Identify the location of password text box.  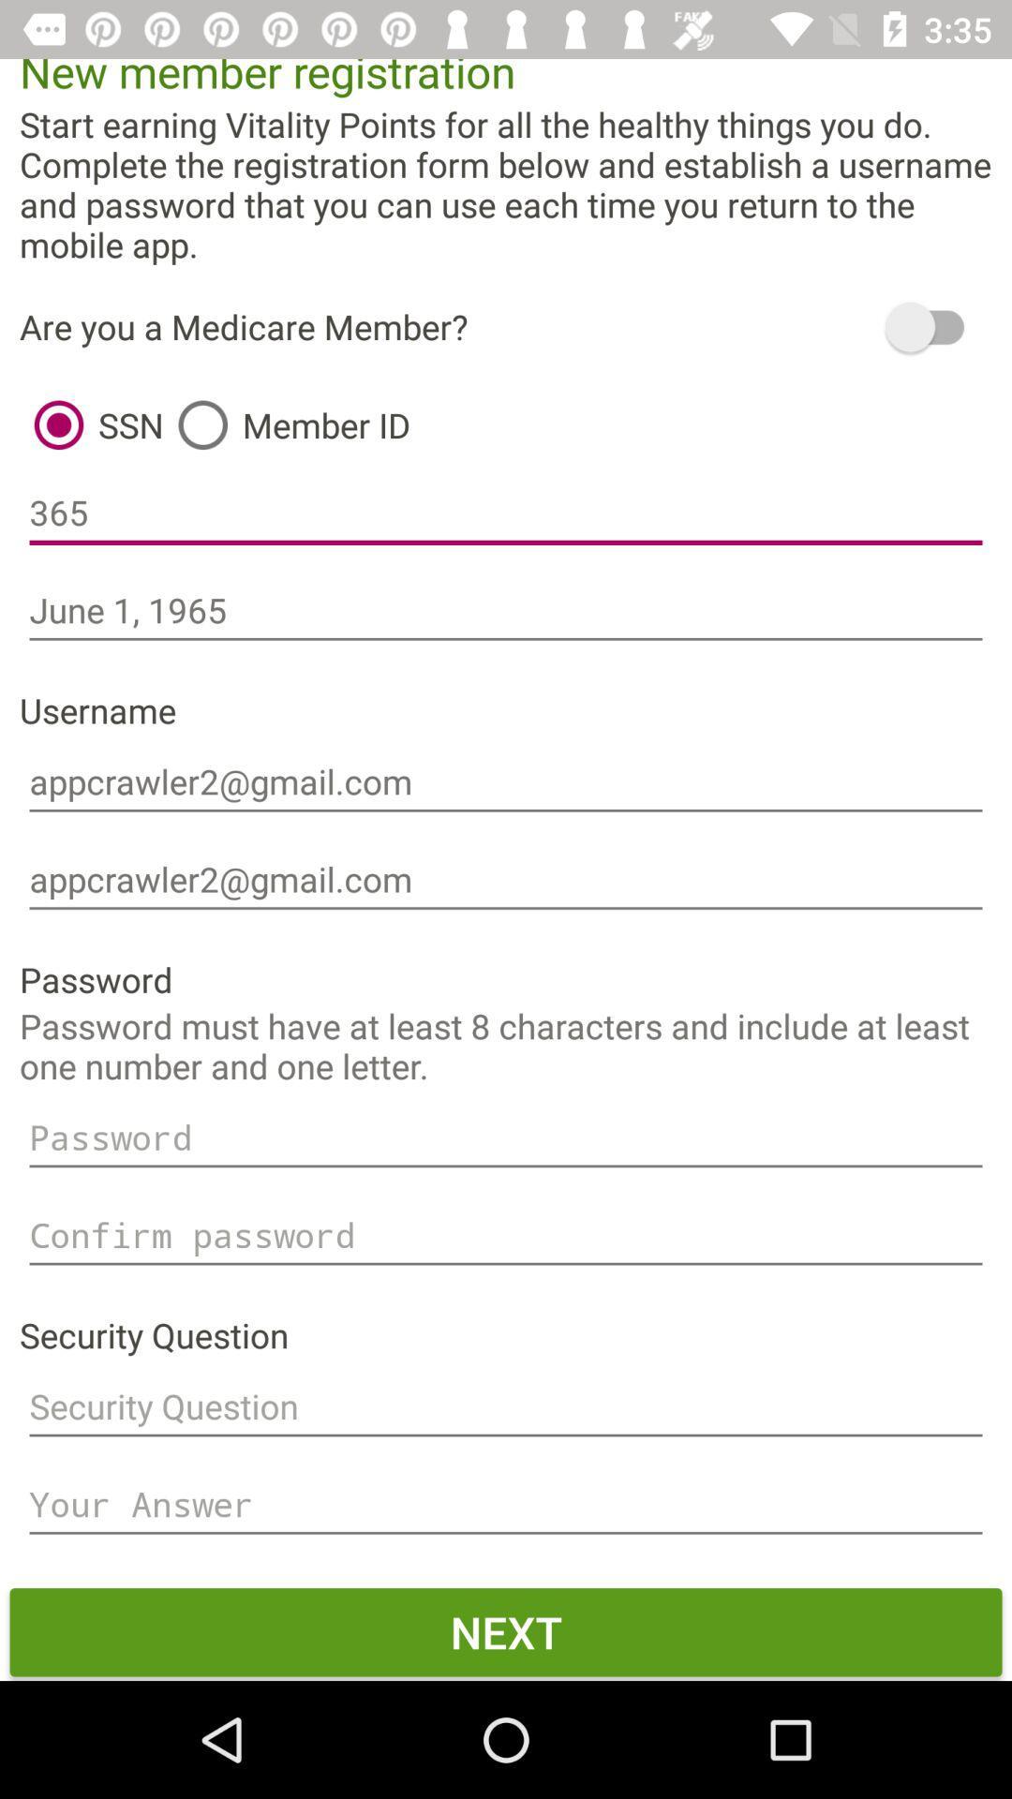
(506, 1137).